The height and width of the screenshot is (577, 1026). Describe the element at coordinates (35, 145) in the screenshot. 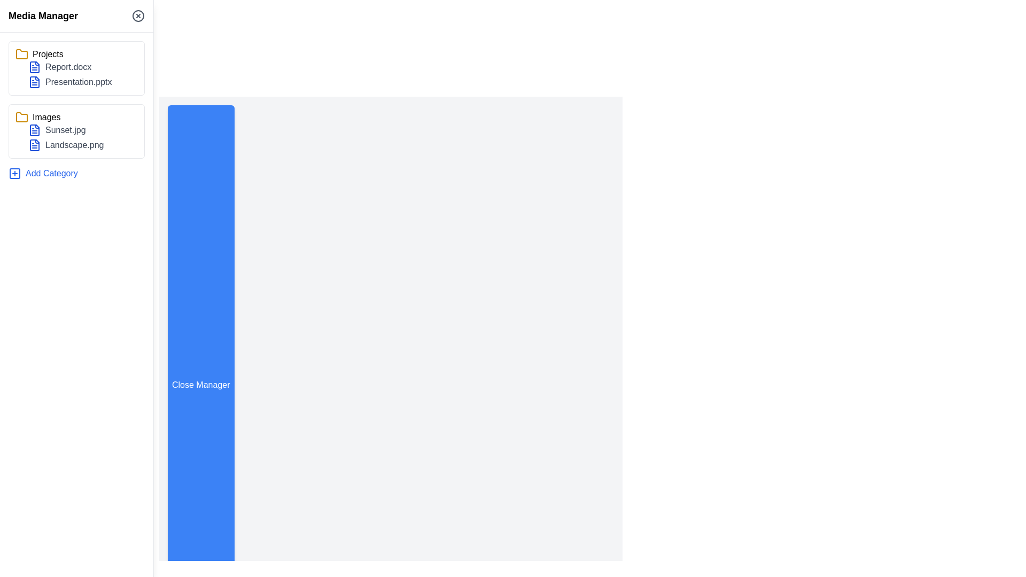

I see `the file icon representing 'Landscape.png' located in the left sidebar under the 'Images' section` at that location.